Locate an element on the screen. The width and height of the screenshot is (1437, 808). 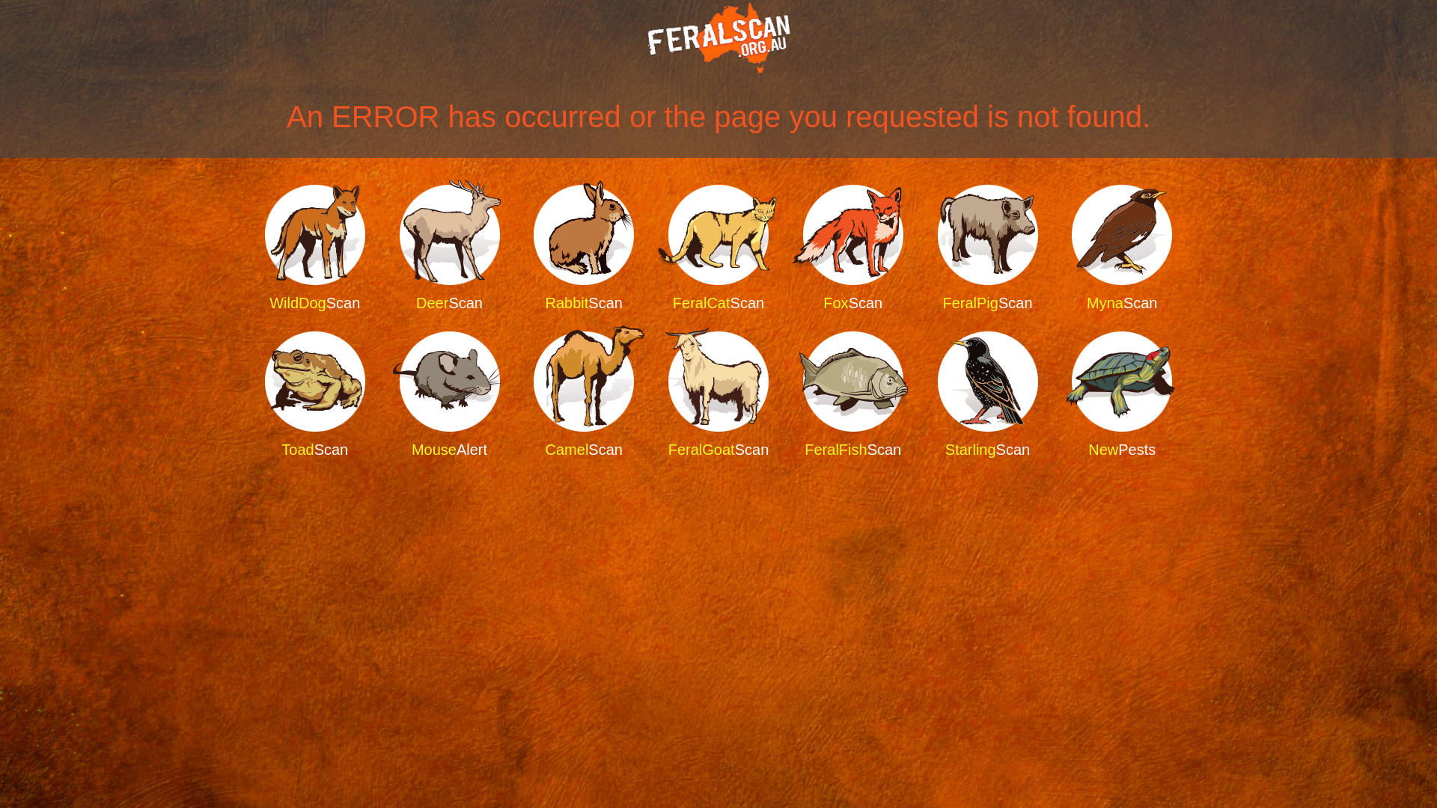
'FeralGoatScan' is located at coordinates (718, 394).